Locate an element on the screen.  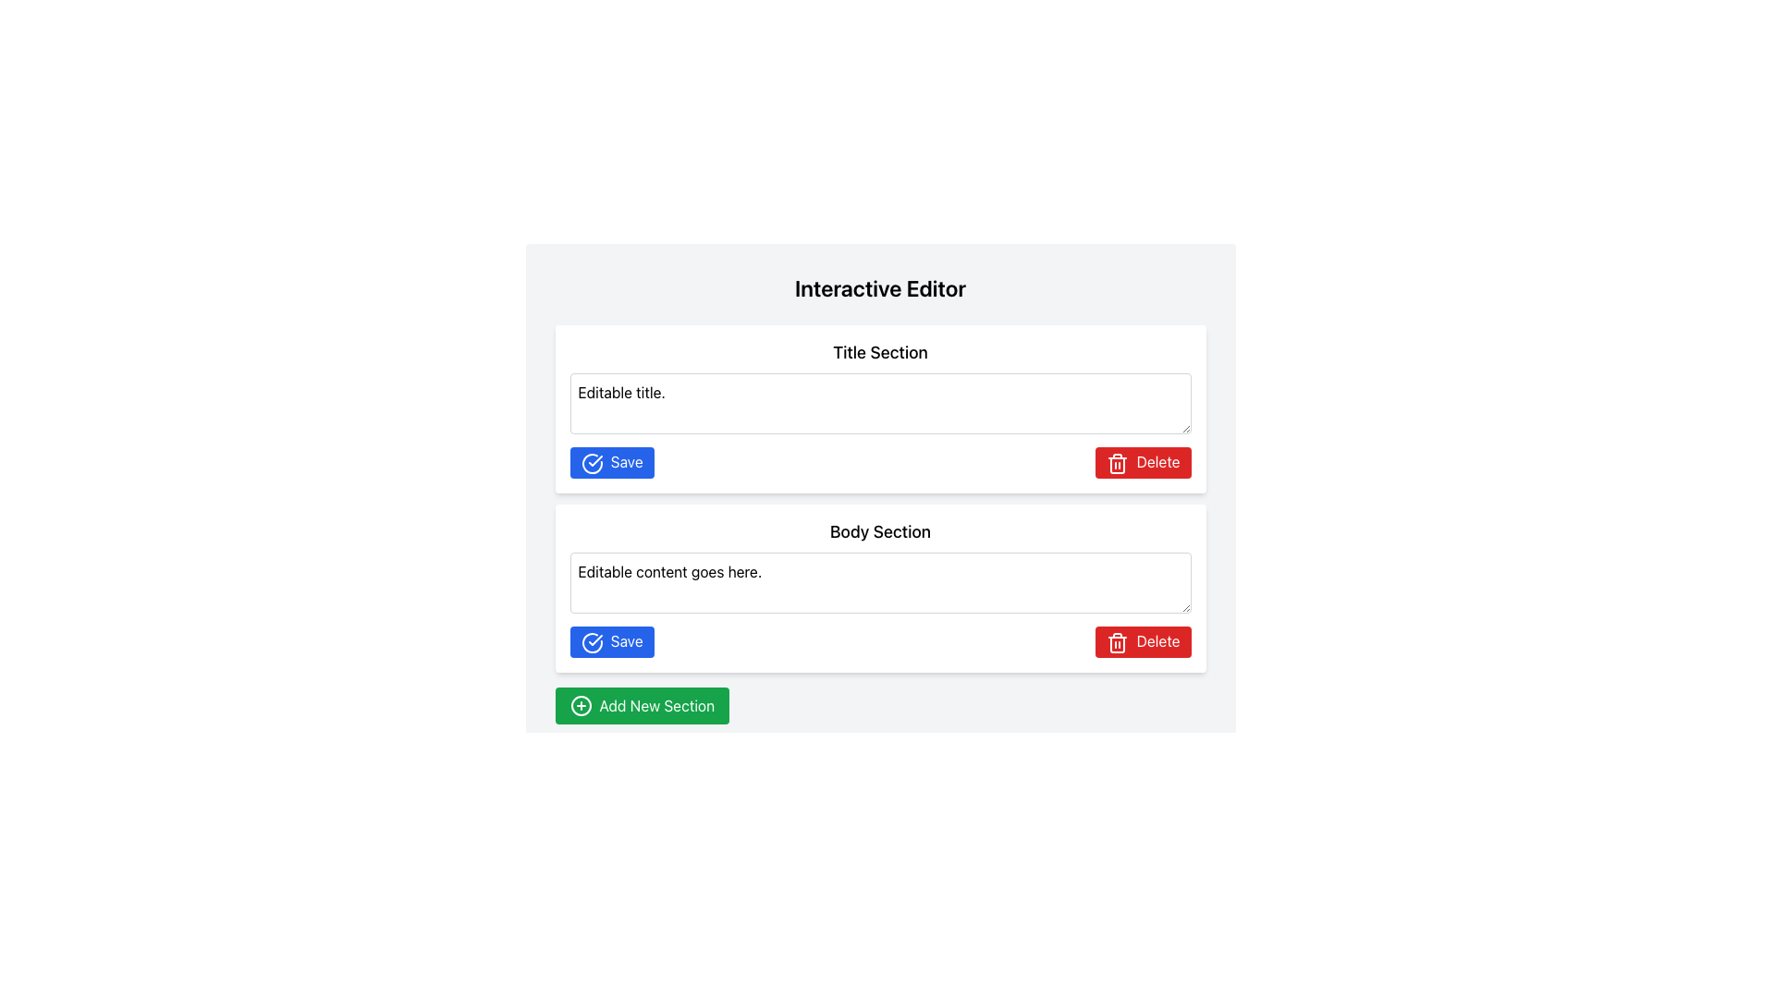
the circular icon within the 'Add New Section' button located at the bottom-center region of the interface is located at coordinates (580, 705).